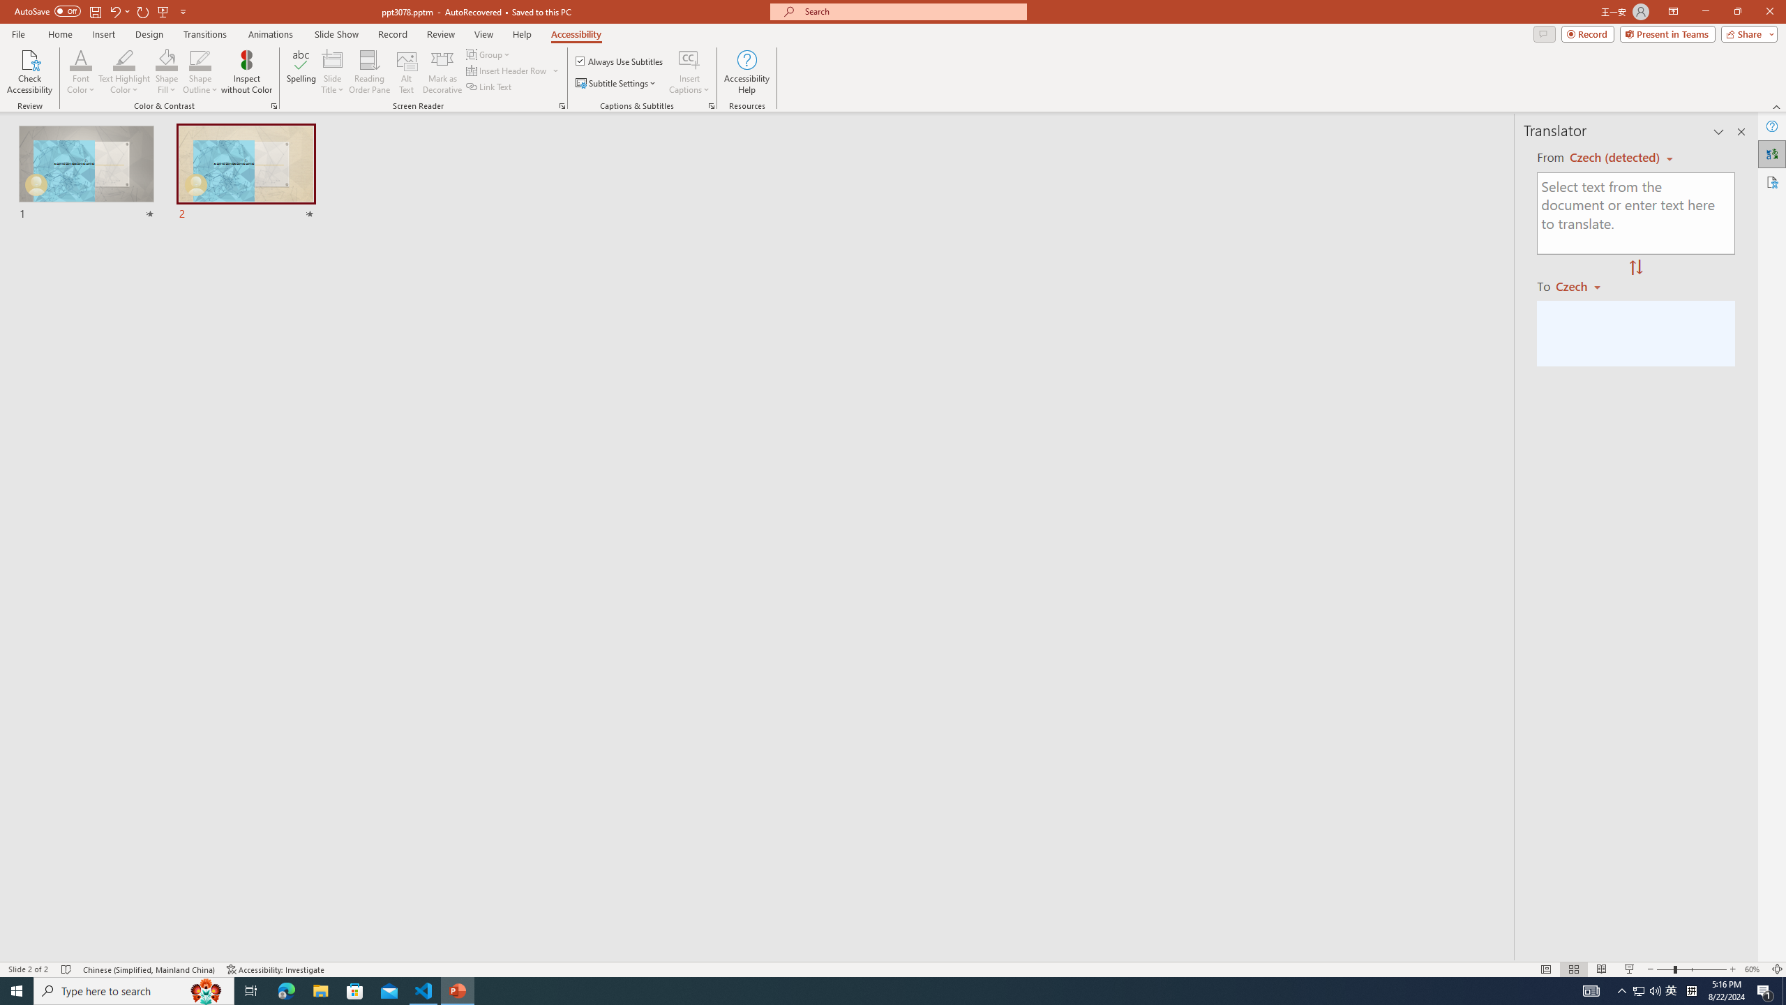 The width and height of the screenshot is (1786, 1005). I want to click on 'Insert Captions', so click(689, 72).